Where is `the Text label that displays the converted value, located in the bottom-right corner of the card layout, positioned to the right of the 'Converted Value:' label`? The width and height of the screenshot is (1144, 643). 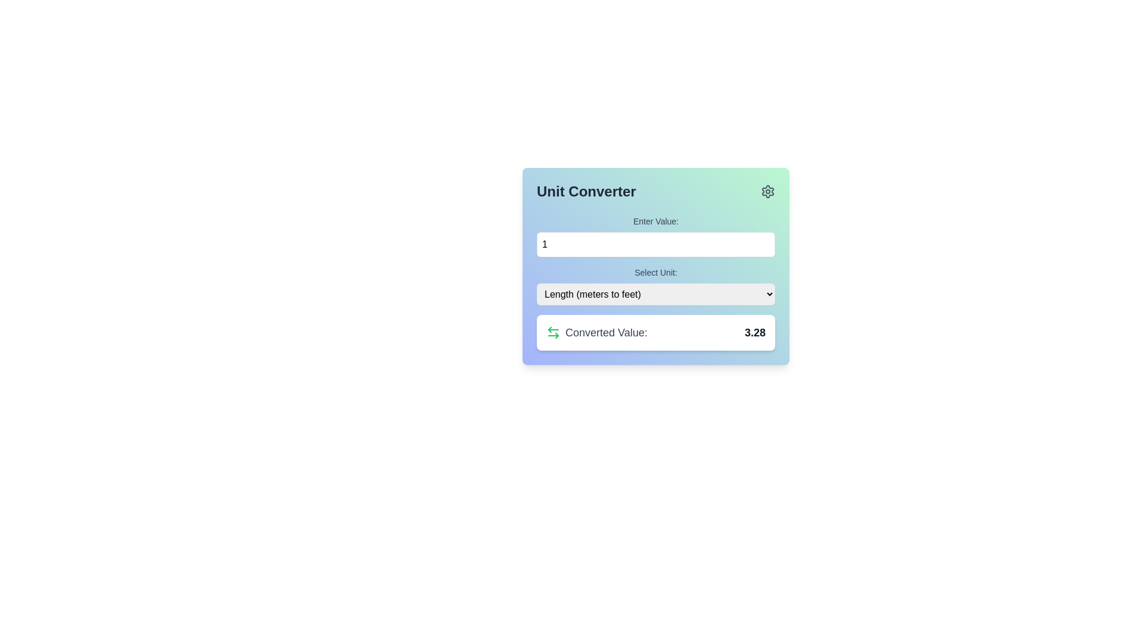 the Text label that displays the converted value, located in the bottom-right corner of the card layout, positioned to the right of the 'Converted Value:' label is located at coordinates (754, 333).